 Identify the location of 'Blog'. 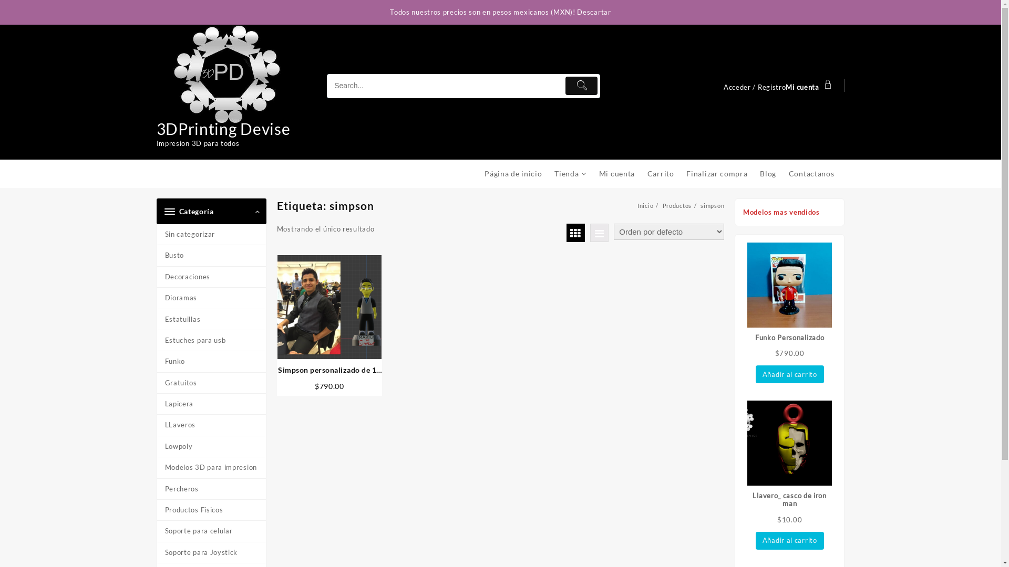
(773, 173).